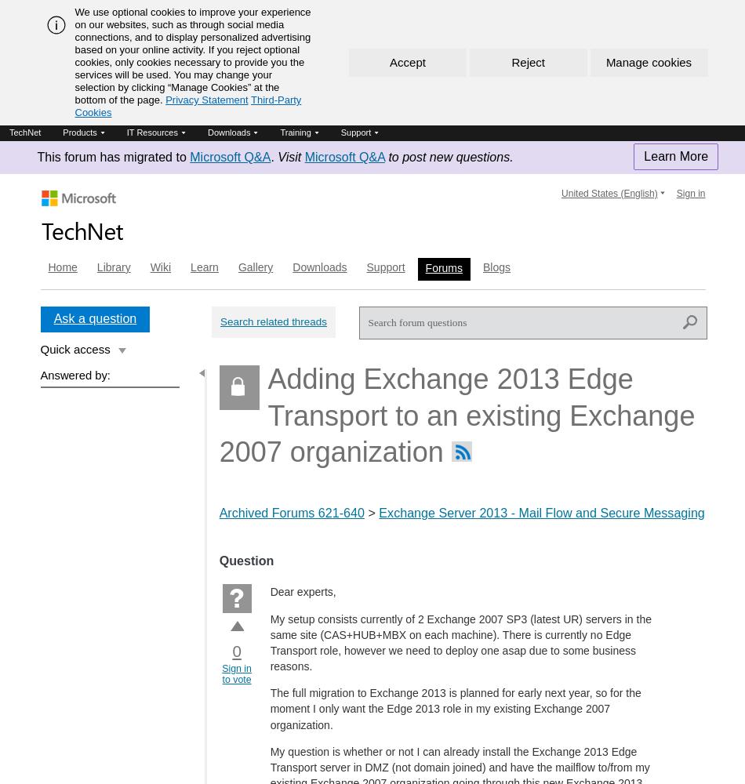  Describe the element at coordinates (113, 156) in the screenshot. I see `'This forum has migrated to'` at that location.